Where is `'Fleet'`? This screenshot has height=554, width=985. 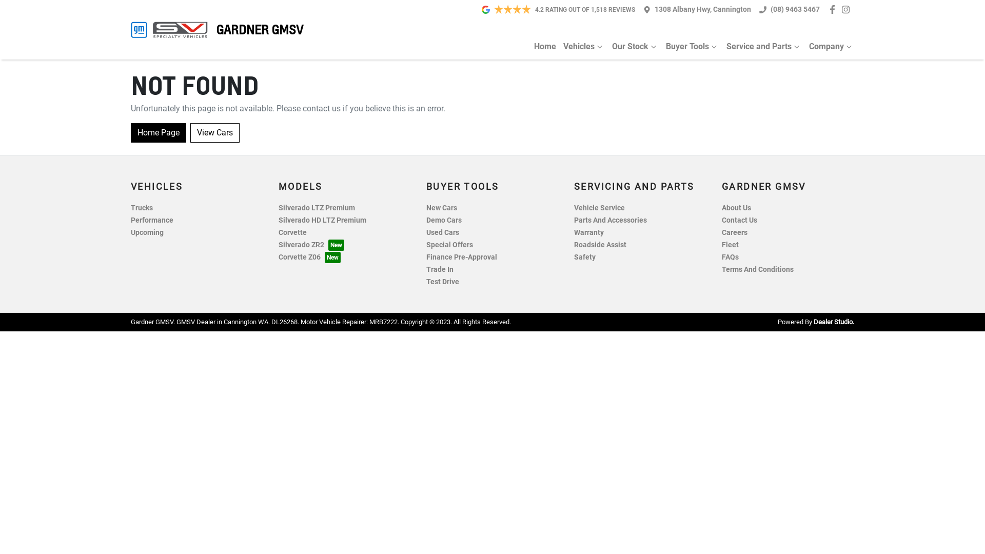 'Fleet' is located at coordinates (721, 245).